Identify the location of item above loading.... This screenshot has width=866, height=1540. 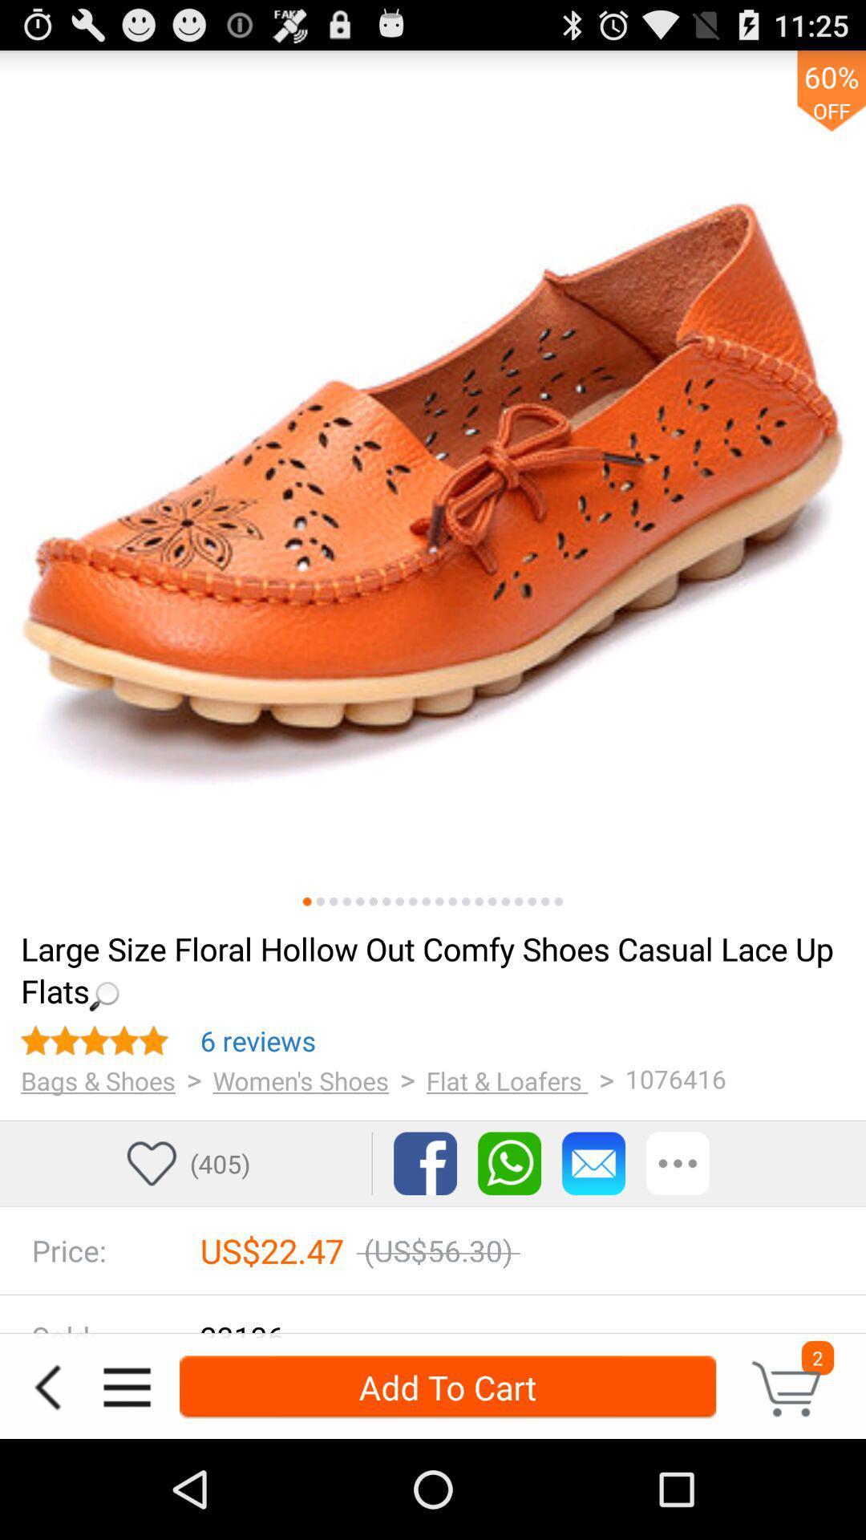
(544, 902).